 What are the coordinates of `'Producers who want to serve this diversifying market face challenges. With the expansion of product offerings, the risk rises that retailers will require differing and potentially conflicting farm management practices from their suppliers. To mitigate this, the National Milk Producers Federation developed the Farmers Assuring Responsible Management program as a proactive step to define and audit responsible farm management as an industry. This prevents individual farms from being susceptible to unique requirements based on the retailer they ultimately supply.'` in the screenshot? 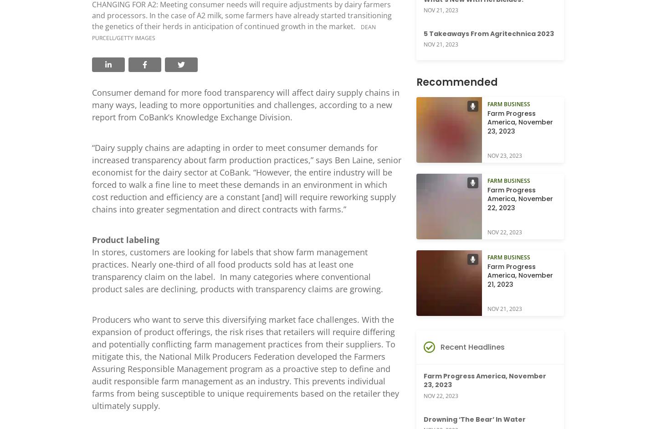 It's located at (245, 362).